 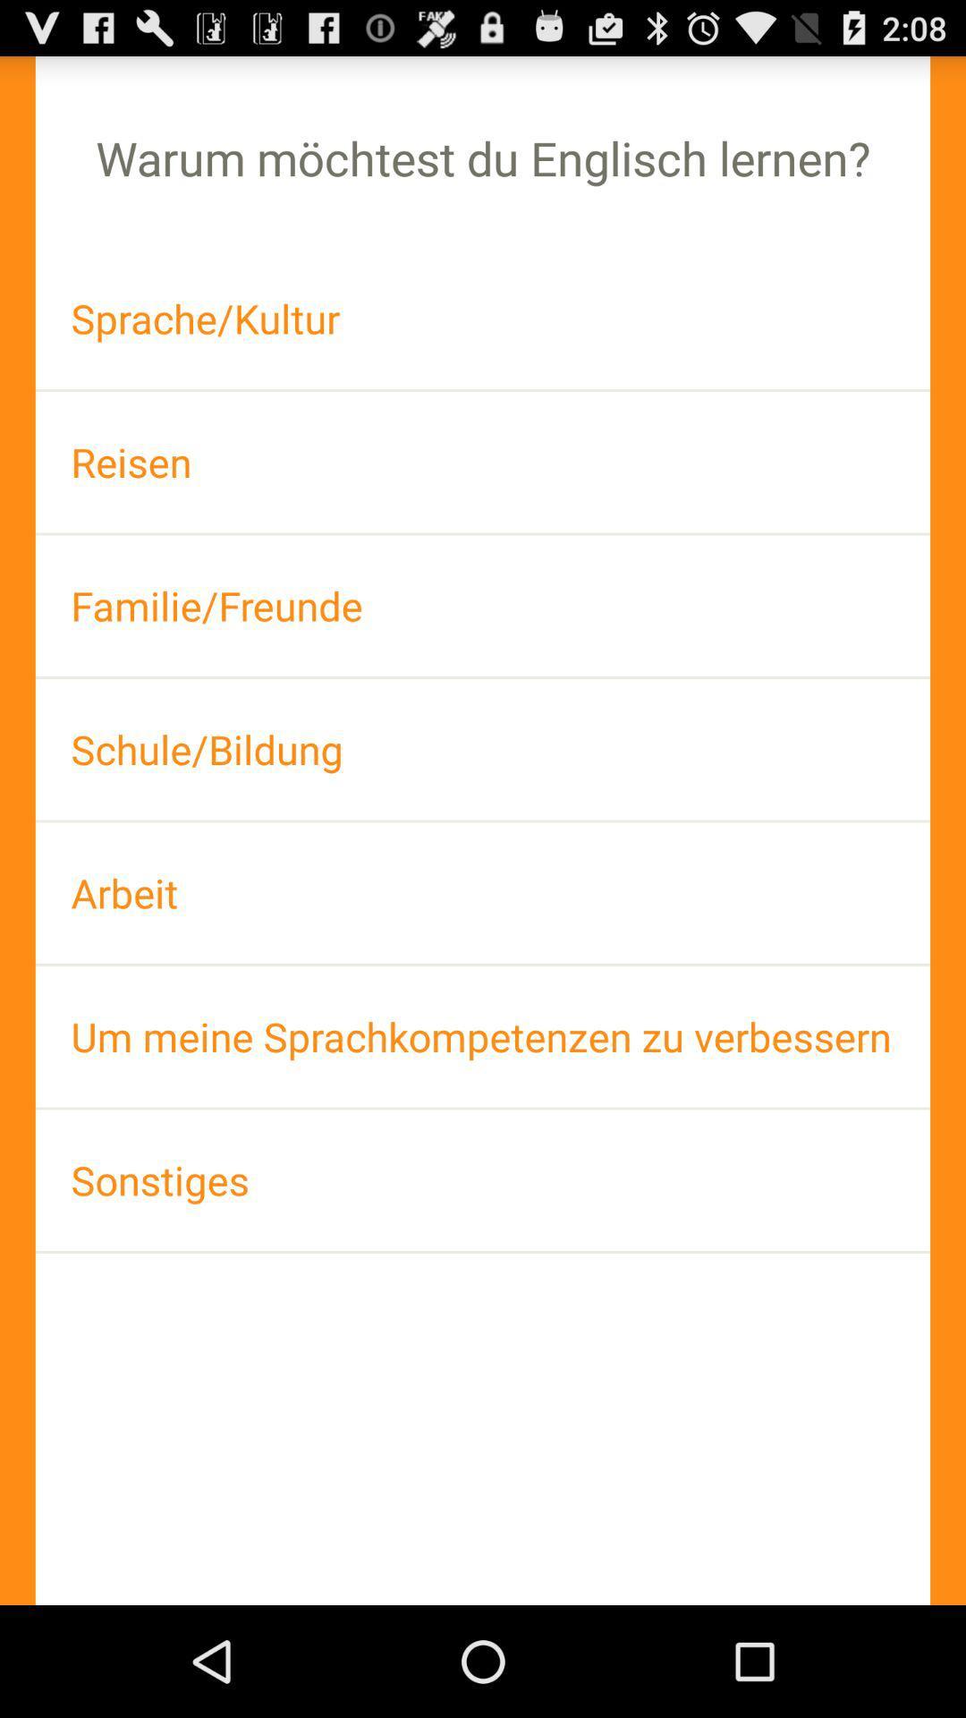 What do you see at coordinates (483, 1036) in the screenshot?
I see `the um meine sprachkompetenzen` at bounding box center [483, 1036].